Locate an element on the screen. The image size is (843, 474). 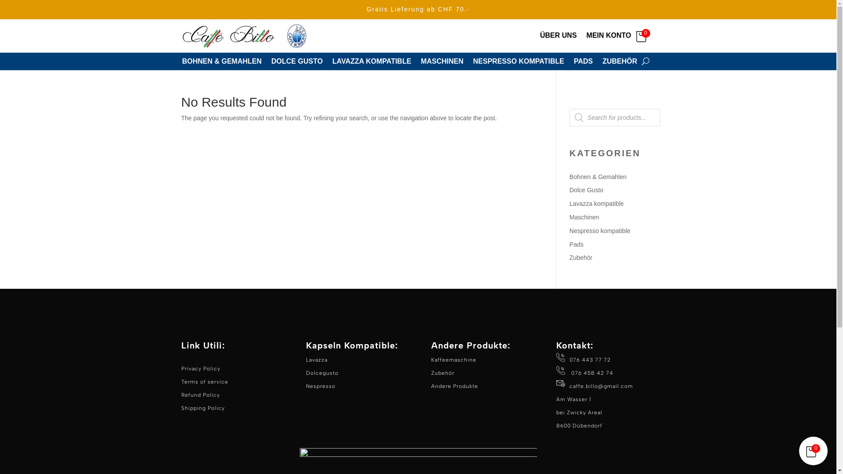
'LAVAZZA KOMPATIBLE' is located at coordinates (371, 62).